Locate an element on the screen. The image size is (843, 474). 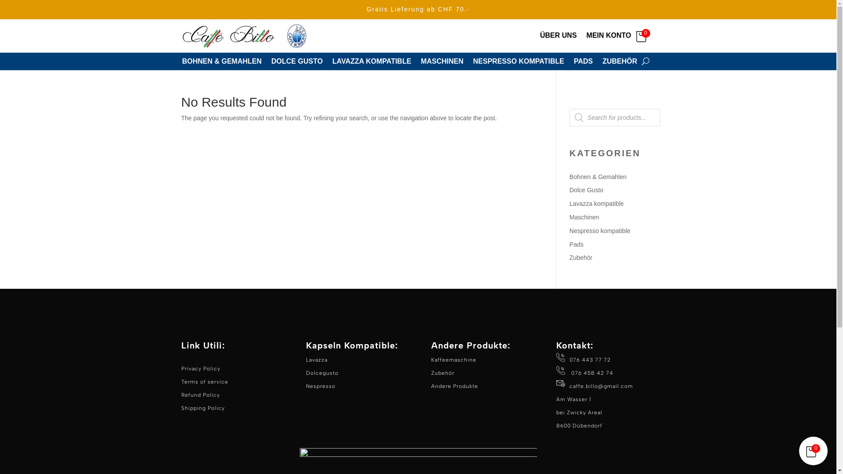
'LAVAZZA KOMPATIBLE' is located at coordinates (371, 62).